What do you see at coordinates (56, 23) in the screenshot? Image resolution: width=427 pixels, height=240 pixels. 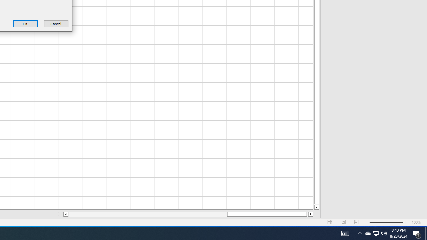 I see `'Cancel'` at bounding box center [56, 23].